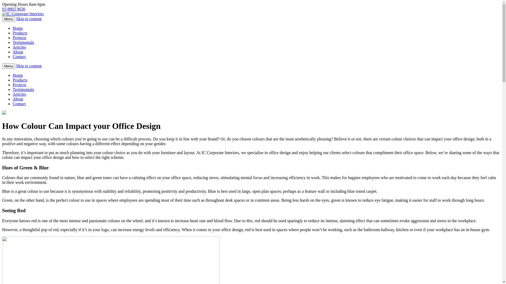 This screenshot has width=506, height=284. What do you see at coordinates (8, 19) in the screenshot?
I see `'Menu'` at bounding box center [8, 19].